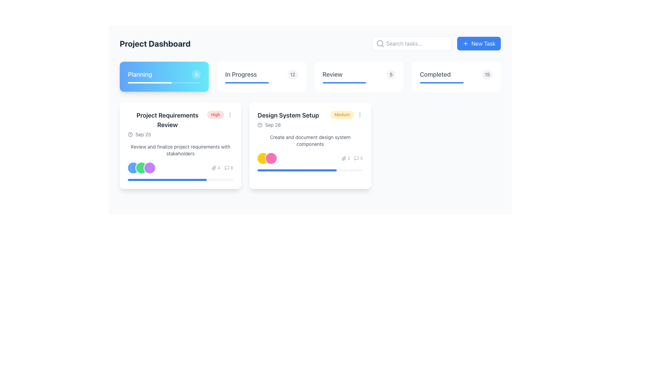 This screenshot has width=655, height=368. What do you see at coordinates (310, 170) in the screenshot?
I see `the progress state of the progress bar located in the 'Design System Setup' card, which has a light gray background and a blue section indicating 75% completion` at bounding box center [310, 170].